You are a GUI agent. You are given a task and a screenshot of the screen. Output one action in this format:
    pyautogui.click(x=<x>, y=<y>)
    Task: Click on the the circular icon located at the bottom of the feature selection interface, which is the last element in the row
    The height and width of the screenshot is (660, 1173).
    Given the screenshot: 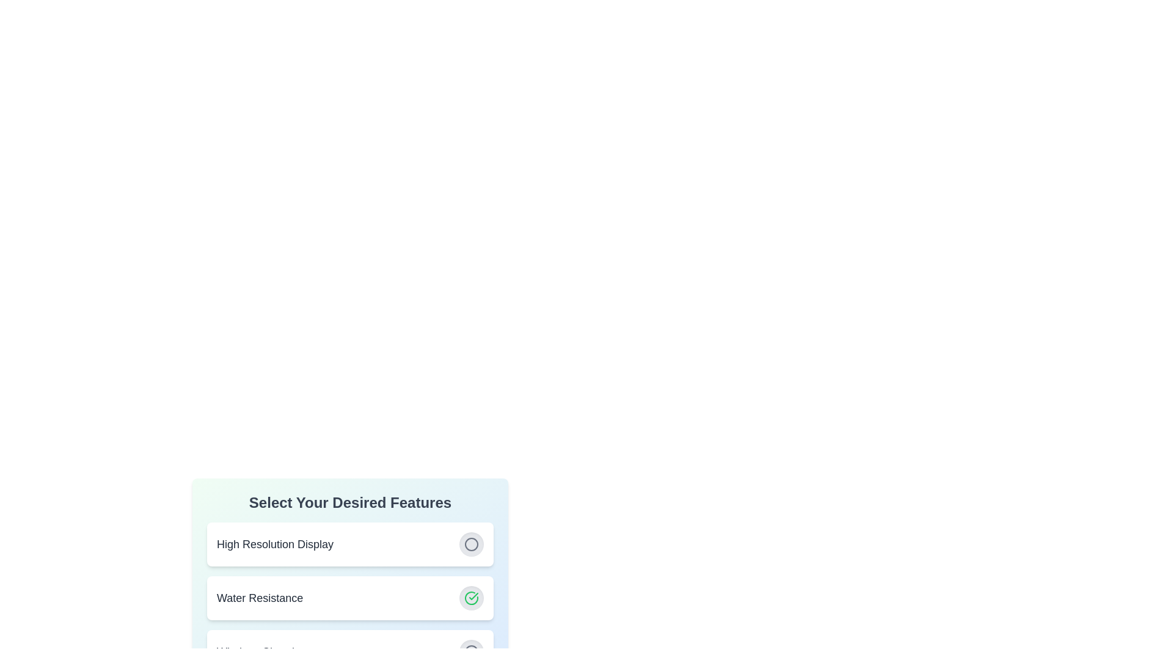 What is the action you would take?
    pyautogui.click(x=471, y=651)
    